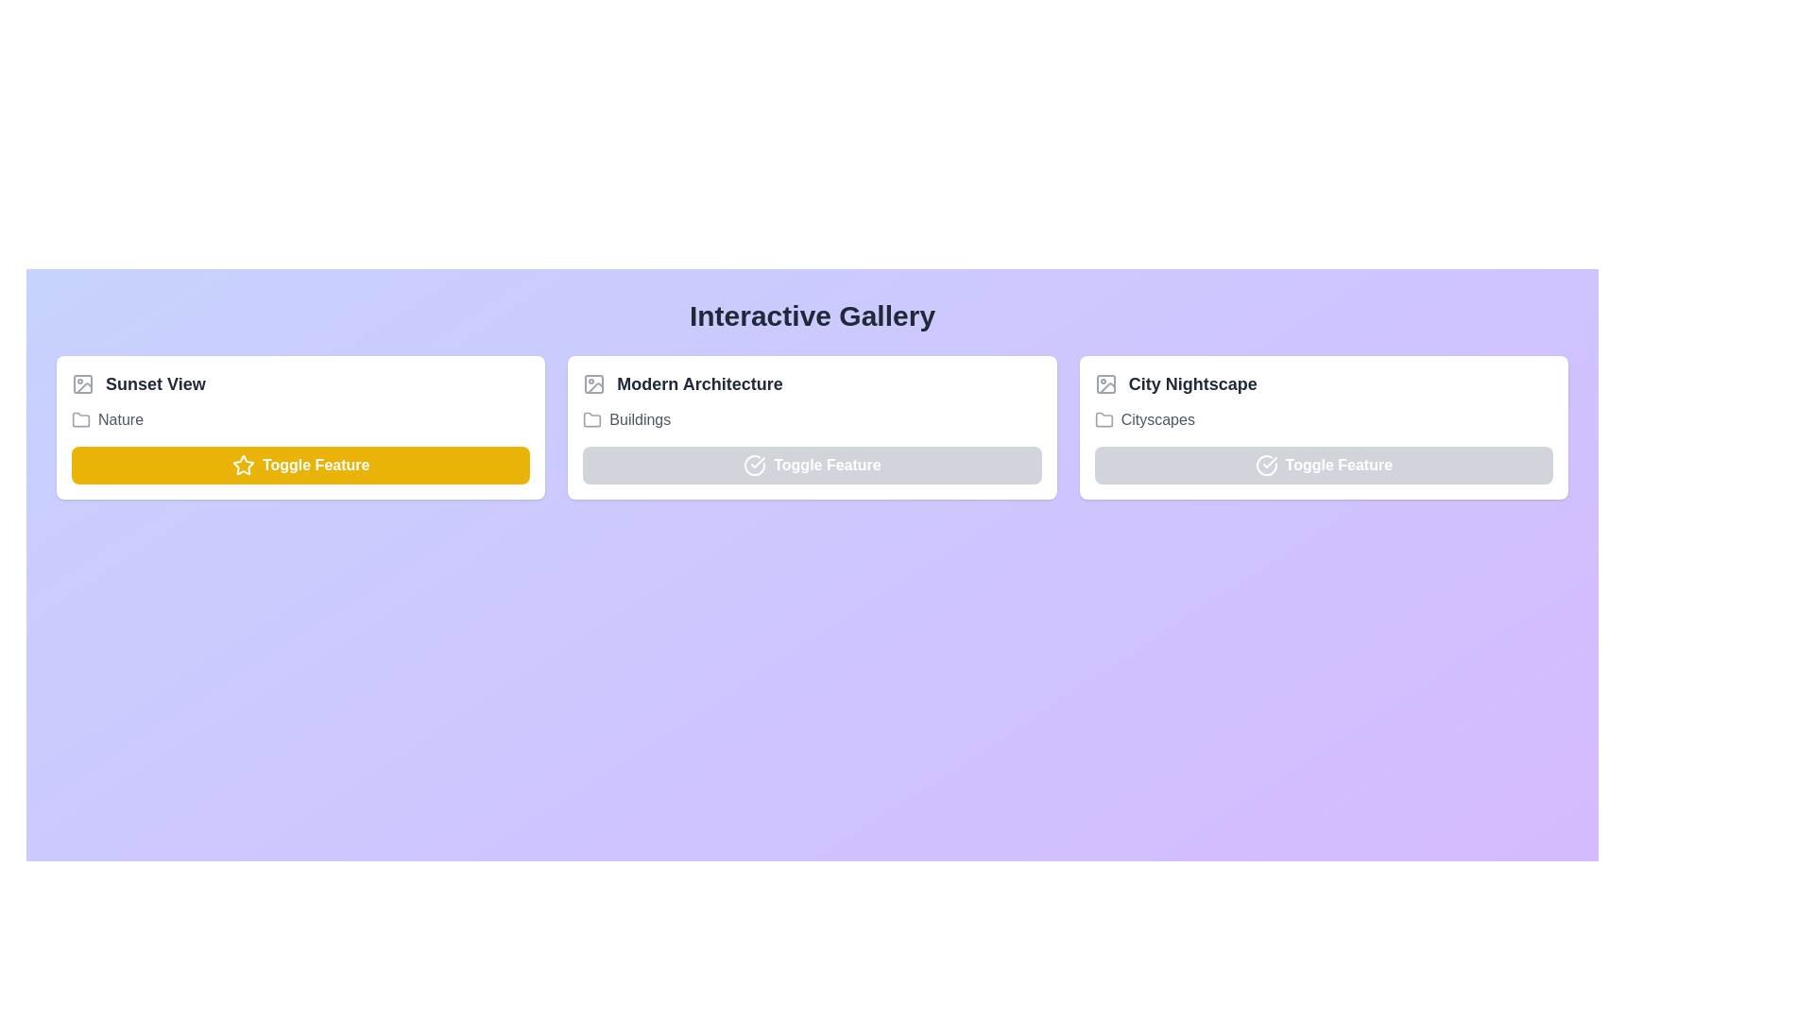 Image resolution: width=1814 pixels, height=1020 pixels. Describe the element at coordinates (81, 383) in the screenshot. I see `the rectangular graphic element located at the top-left corner of the 'Sunset View' section within the photo icon` at that location.